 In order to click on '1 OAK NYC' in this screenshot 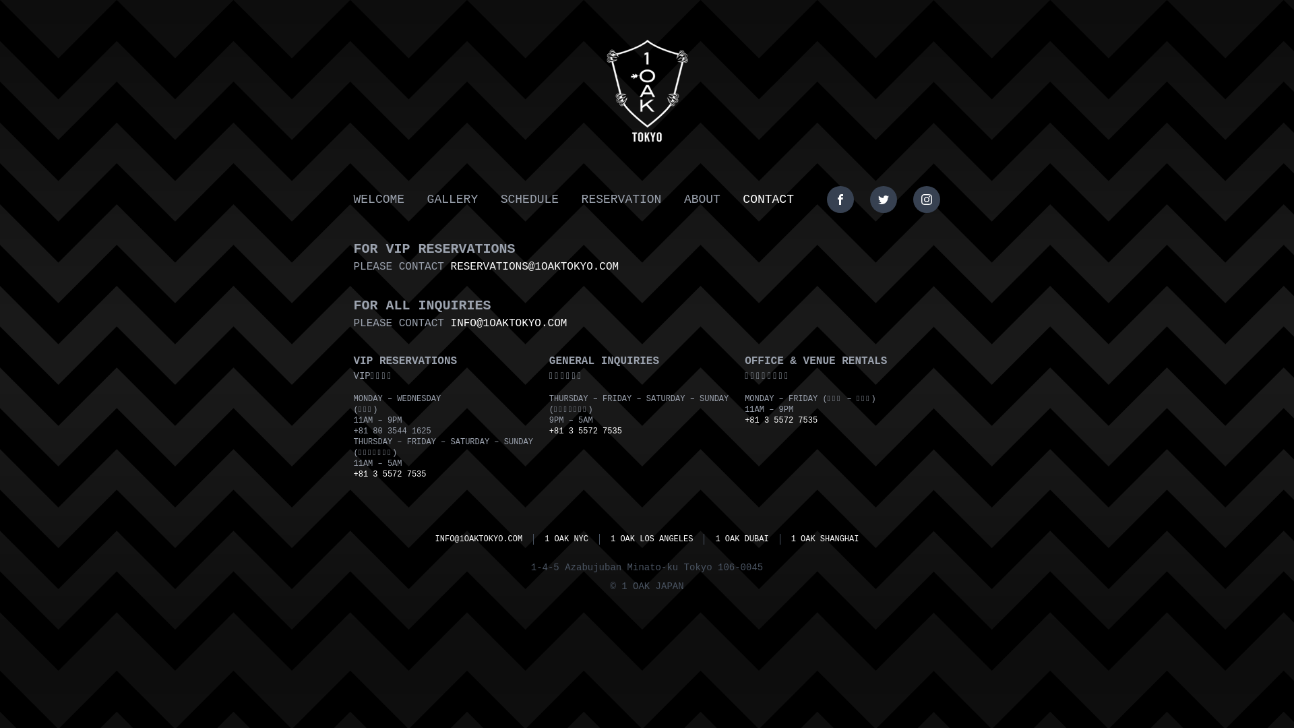, I will do `click(566, 538)`.